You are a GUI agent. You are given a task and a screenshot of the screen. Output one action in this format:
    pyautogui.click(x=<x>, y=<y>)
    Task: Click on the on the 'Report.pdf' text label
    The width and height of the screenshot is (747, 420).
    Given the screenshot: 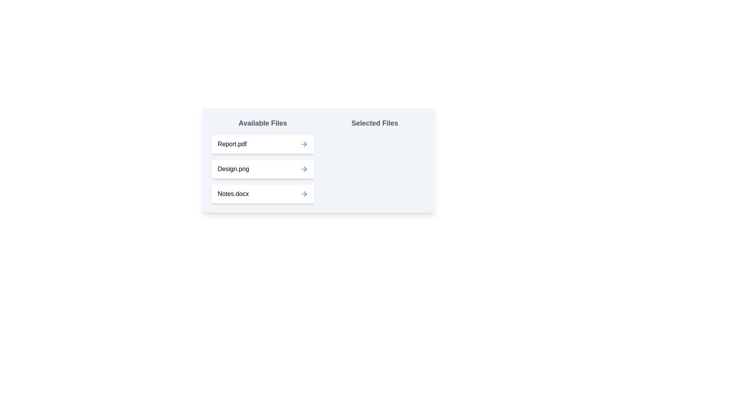 What is the action you would take?
    pyautogui.click(x=231, y=144)
    